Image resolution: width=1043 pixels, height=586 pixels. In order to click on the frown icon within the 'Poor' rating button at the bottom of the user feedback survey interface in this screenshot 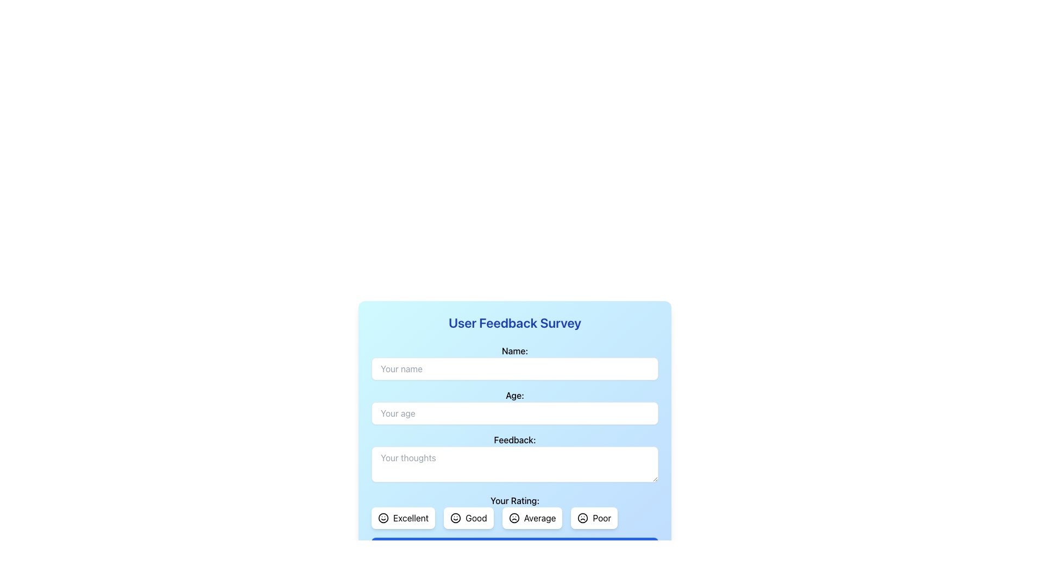, I will do `click(582, 518)`.